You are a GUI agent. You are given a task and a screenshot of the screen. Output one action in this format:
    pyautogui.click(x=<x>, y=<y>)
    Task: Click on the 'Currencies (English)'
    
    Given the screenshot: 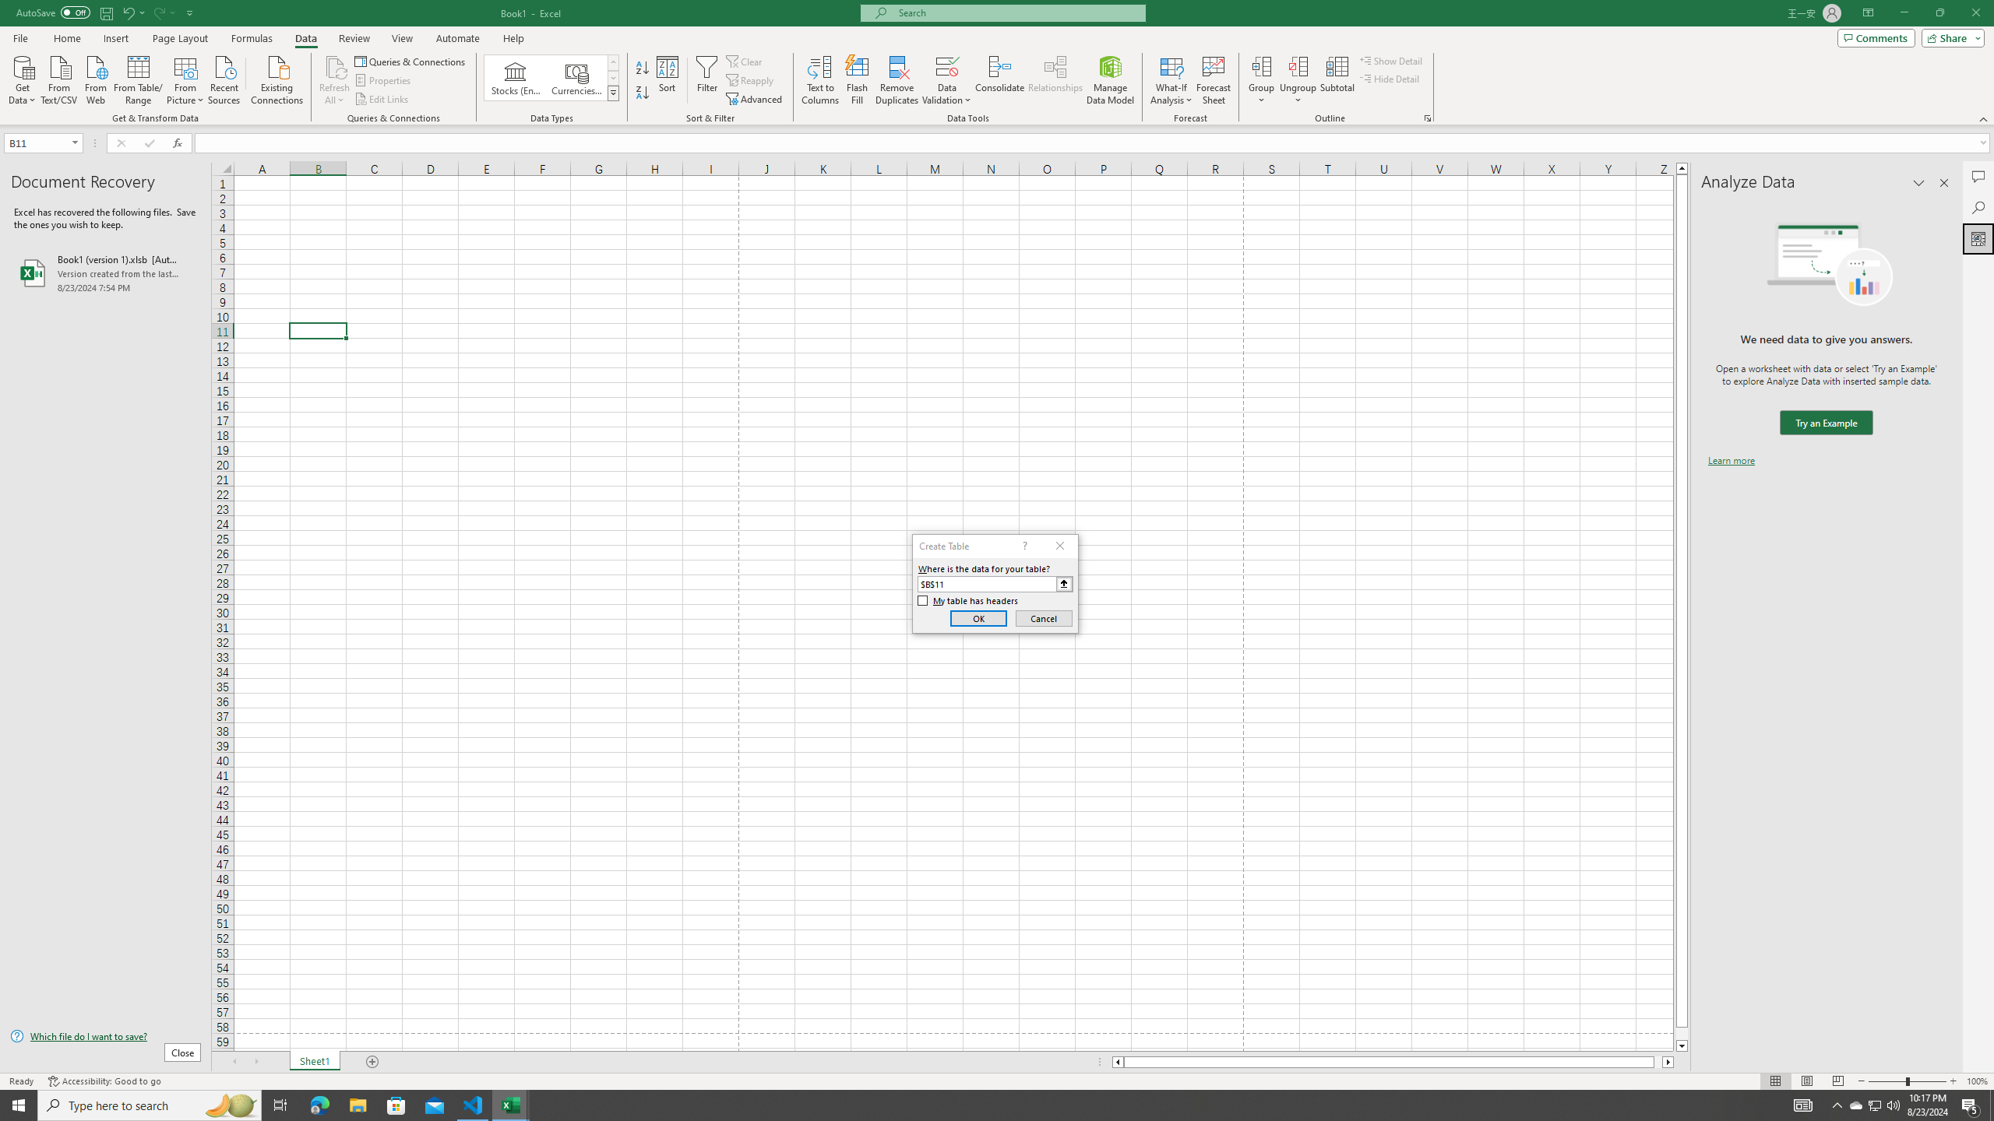 What is the action you would take?
    pyautogui.click(x=575, y=77)
    